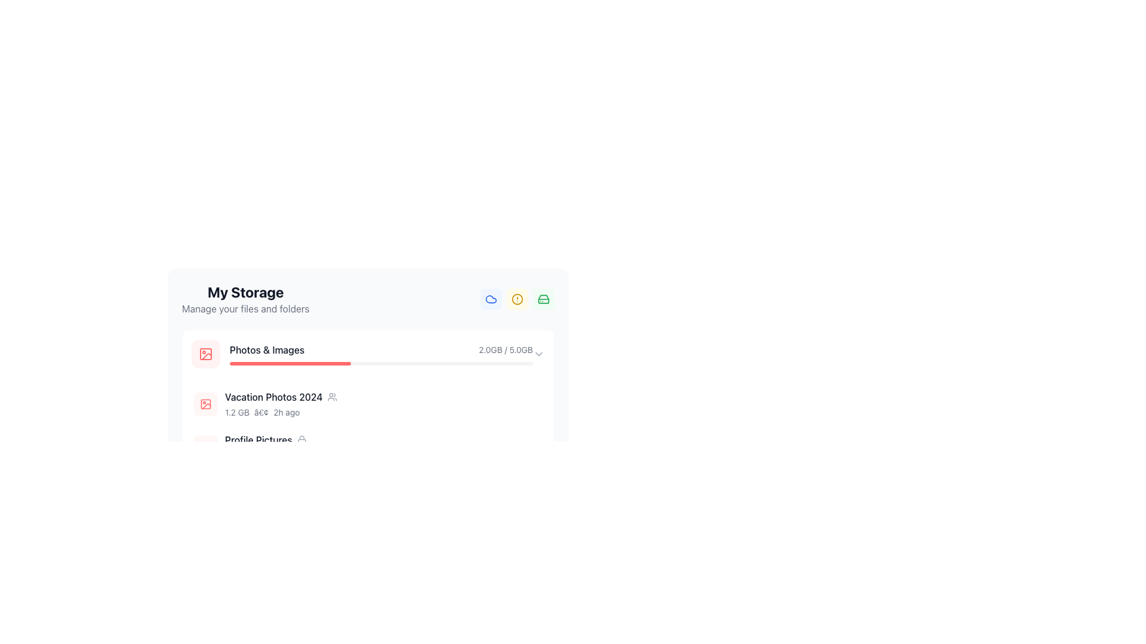 The width and height of the screenshot is (1146, 644). What do you see at coordinates (301, 439) in the screenshot?
I see `the gray minimalistic lock icon positioned to the right of 'Profile Pictures', which symbolizes security or restricted access` at bounding box center [301, 439].